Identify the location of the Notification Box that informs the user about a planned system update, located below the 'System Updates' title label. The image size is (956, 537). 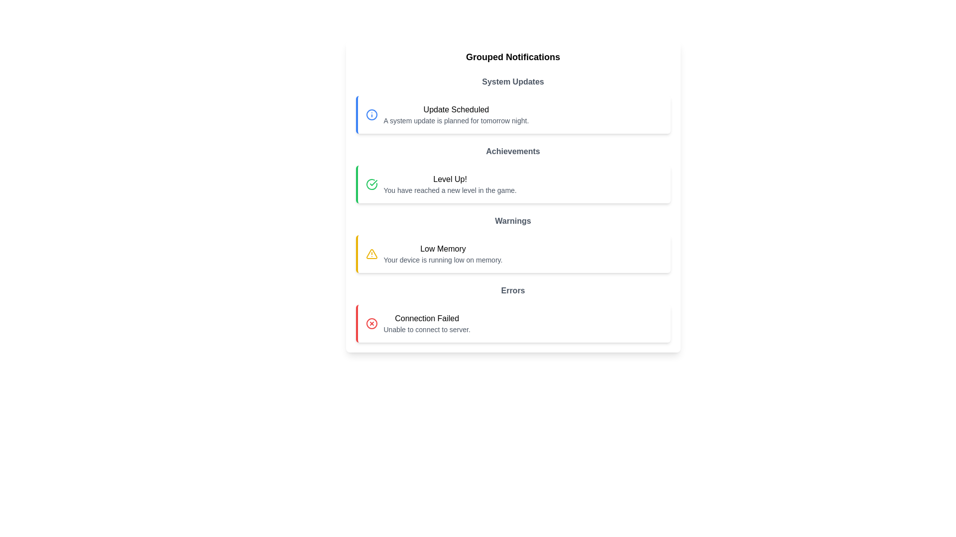
(513, 114).